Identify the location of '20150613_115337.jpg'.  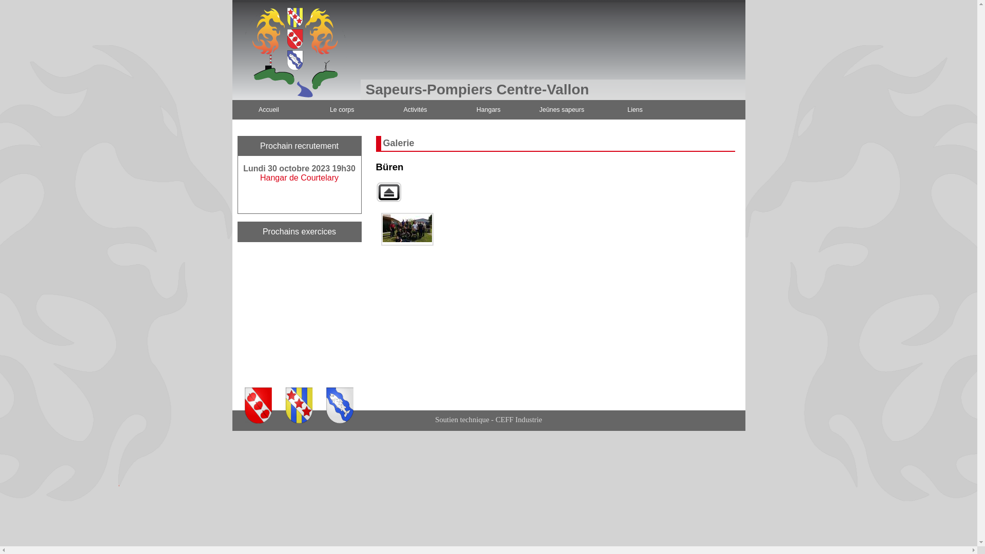
(406, 229).